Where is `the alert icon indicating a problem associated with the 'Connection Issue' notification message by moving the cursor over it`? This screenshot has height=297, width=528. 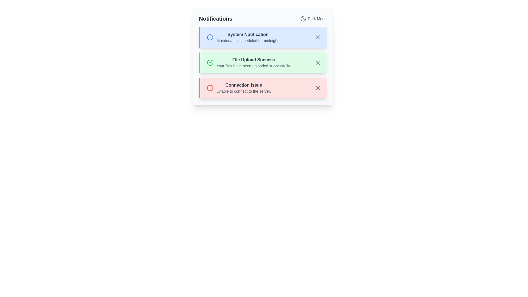 the alert icon indicating a problem associated with the 'Connection Issue' notification message by moving the cursor over it is located at coordinates (210, 88).